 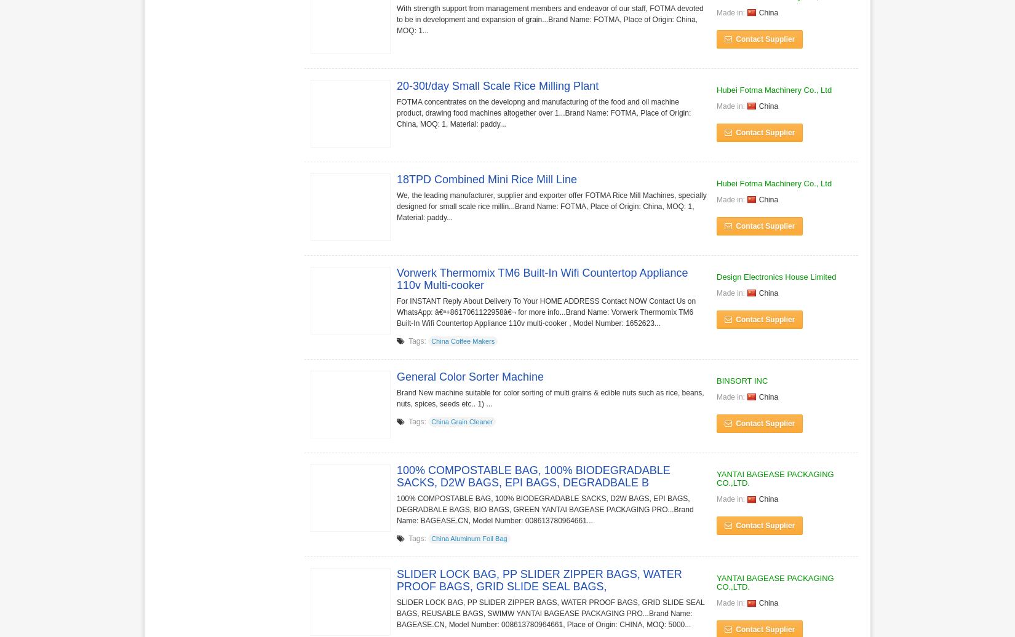 What do you see at coordinates (486, 179) in the screenshot?
I see `'18TPD Combined Mini Rice Mill Line'` at bounding box center [486, 179].